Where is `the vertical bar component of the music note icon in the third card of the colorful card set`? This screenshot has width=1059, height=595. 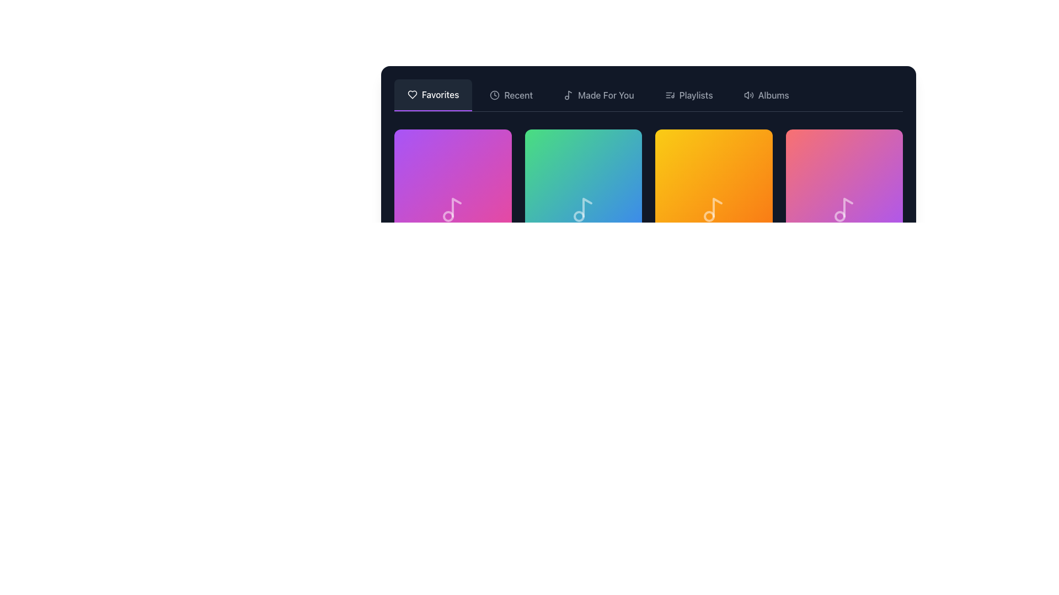 the vertical bar component of the music note icon in the third card of the colorful card set is located at coordinates (718, 208).